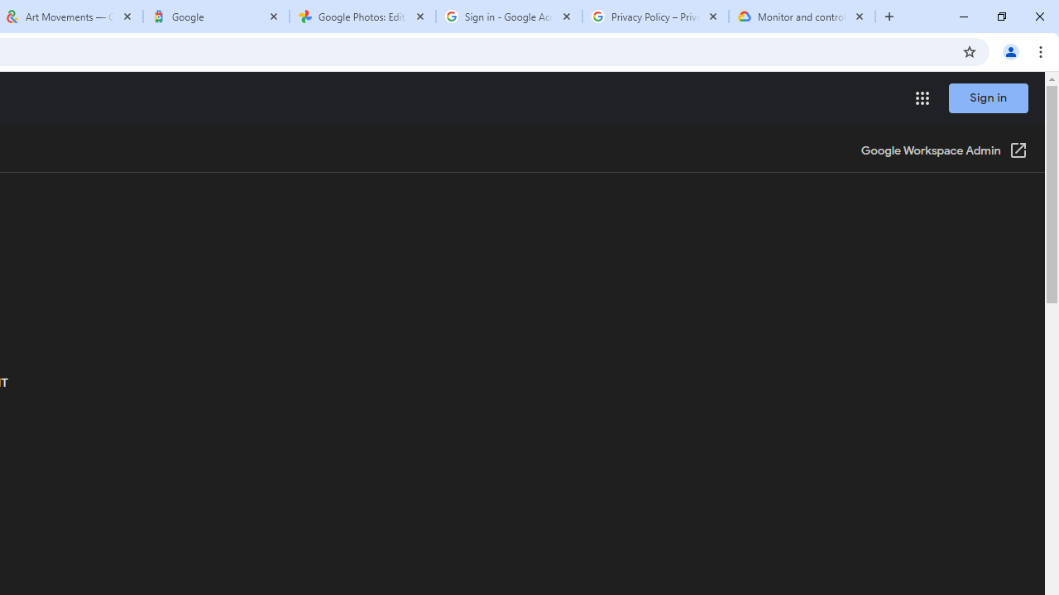  I want to click on 'Sign in - Google Accounts', so click(508, 17).